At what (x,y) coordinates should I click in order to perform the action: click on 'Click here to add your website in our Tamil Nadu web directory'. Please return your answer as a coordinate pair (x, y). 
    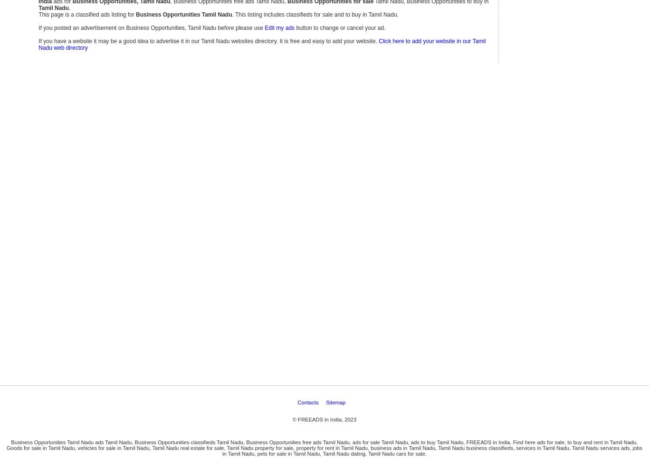
    Looking at the image, I should click on (262, 44).